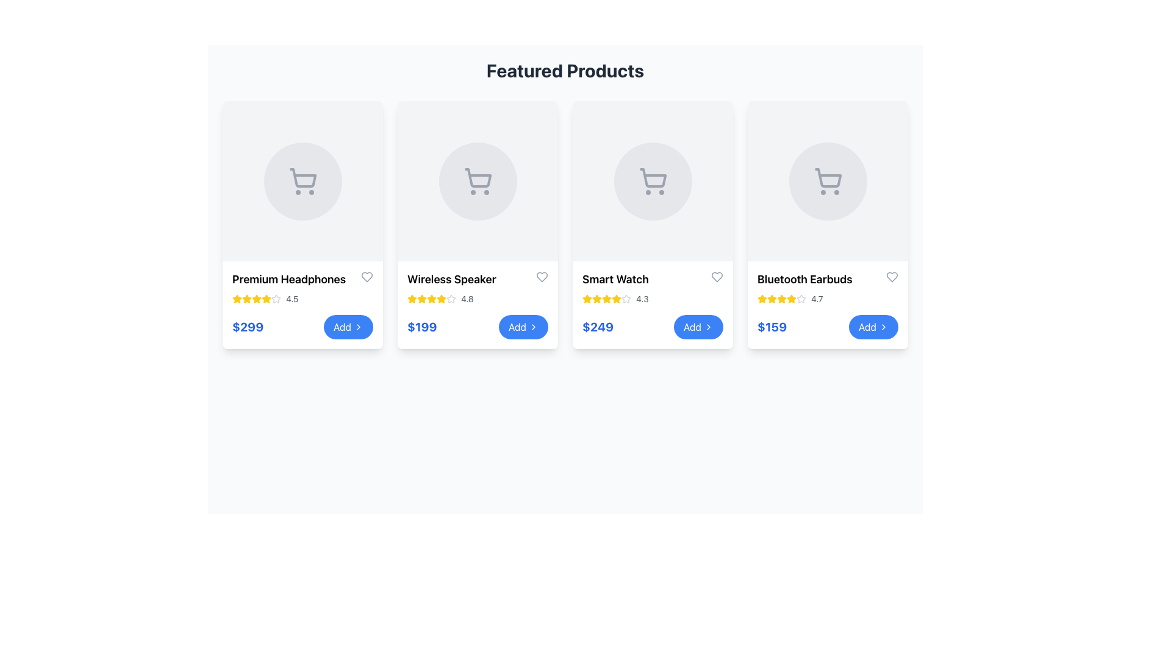 This screenshot has height=658, width=1171. What do you see at coordinates (432, 299) in the screenshot?
I see `the yellow star icon representing the rating feature for the 'Wireless Speaker' product, located next to the numeric rating value '4.8'` at bounding box center [432, 299].